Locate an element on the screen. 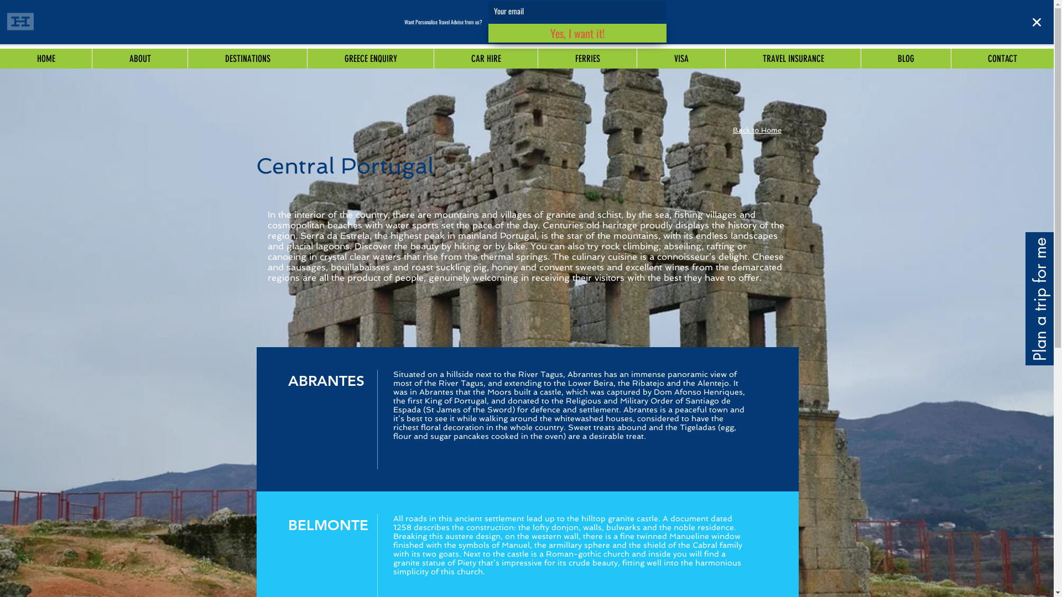 The height and width of the screenshot is (597, 1062). 'info@iconictravel.com.au' is located at coordinates (735, 35).